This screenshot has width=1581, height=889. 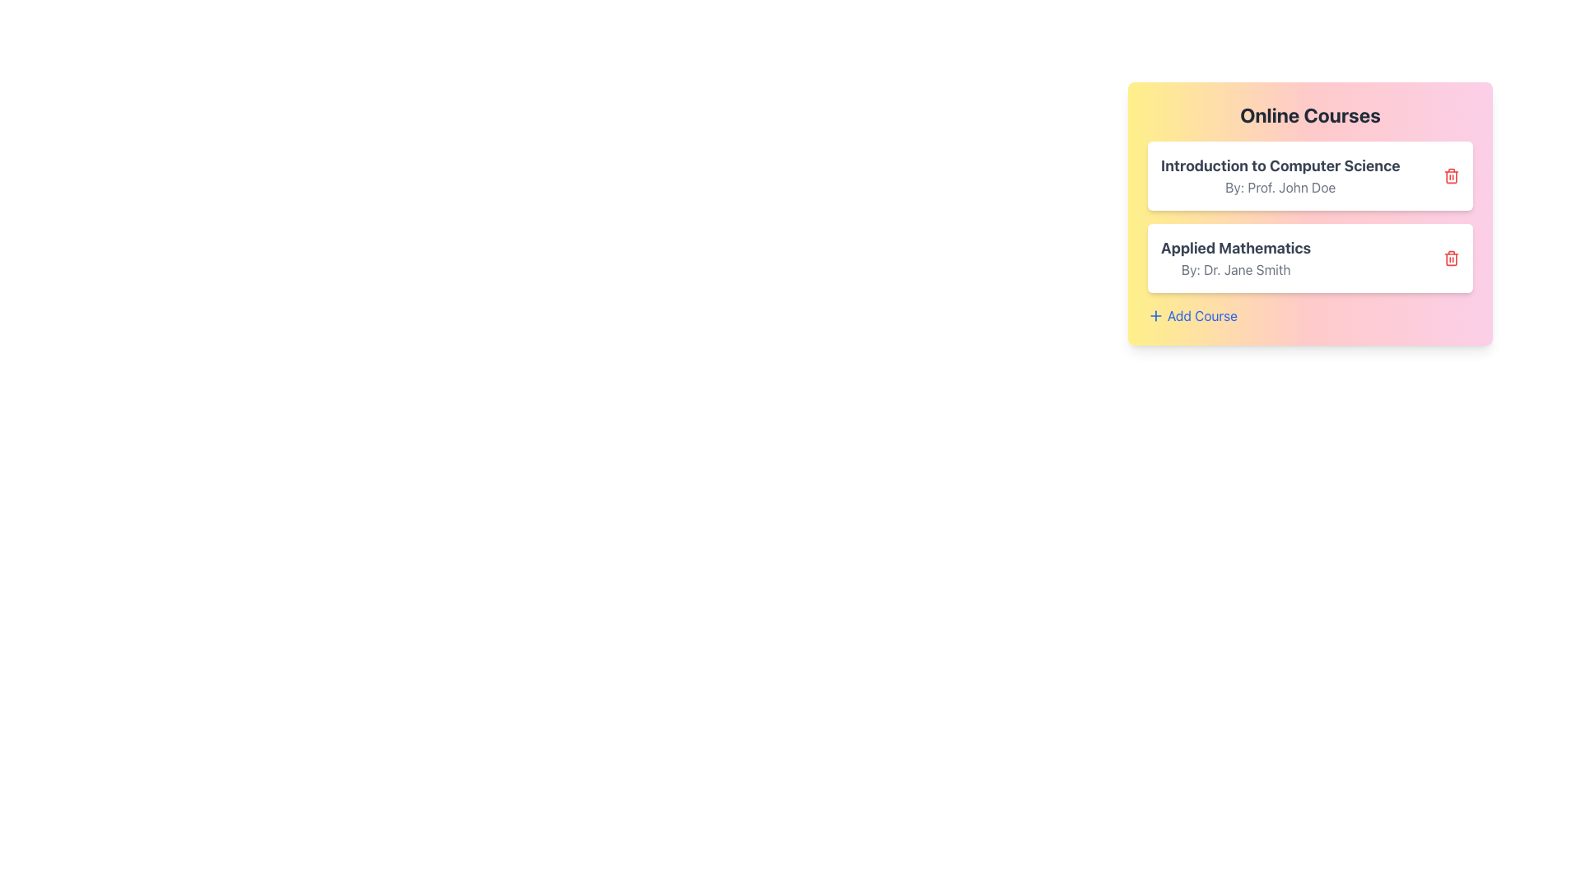 I want to click on displayed text 'Applied Mathematics' from the Text Label located at the top of the card under 'Online Courses.', so click(x=1236, y=248).